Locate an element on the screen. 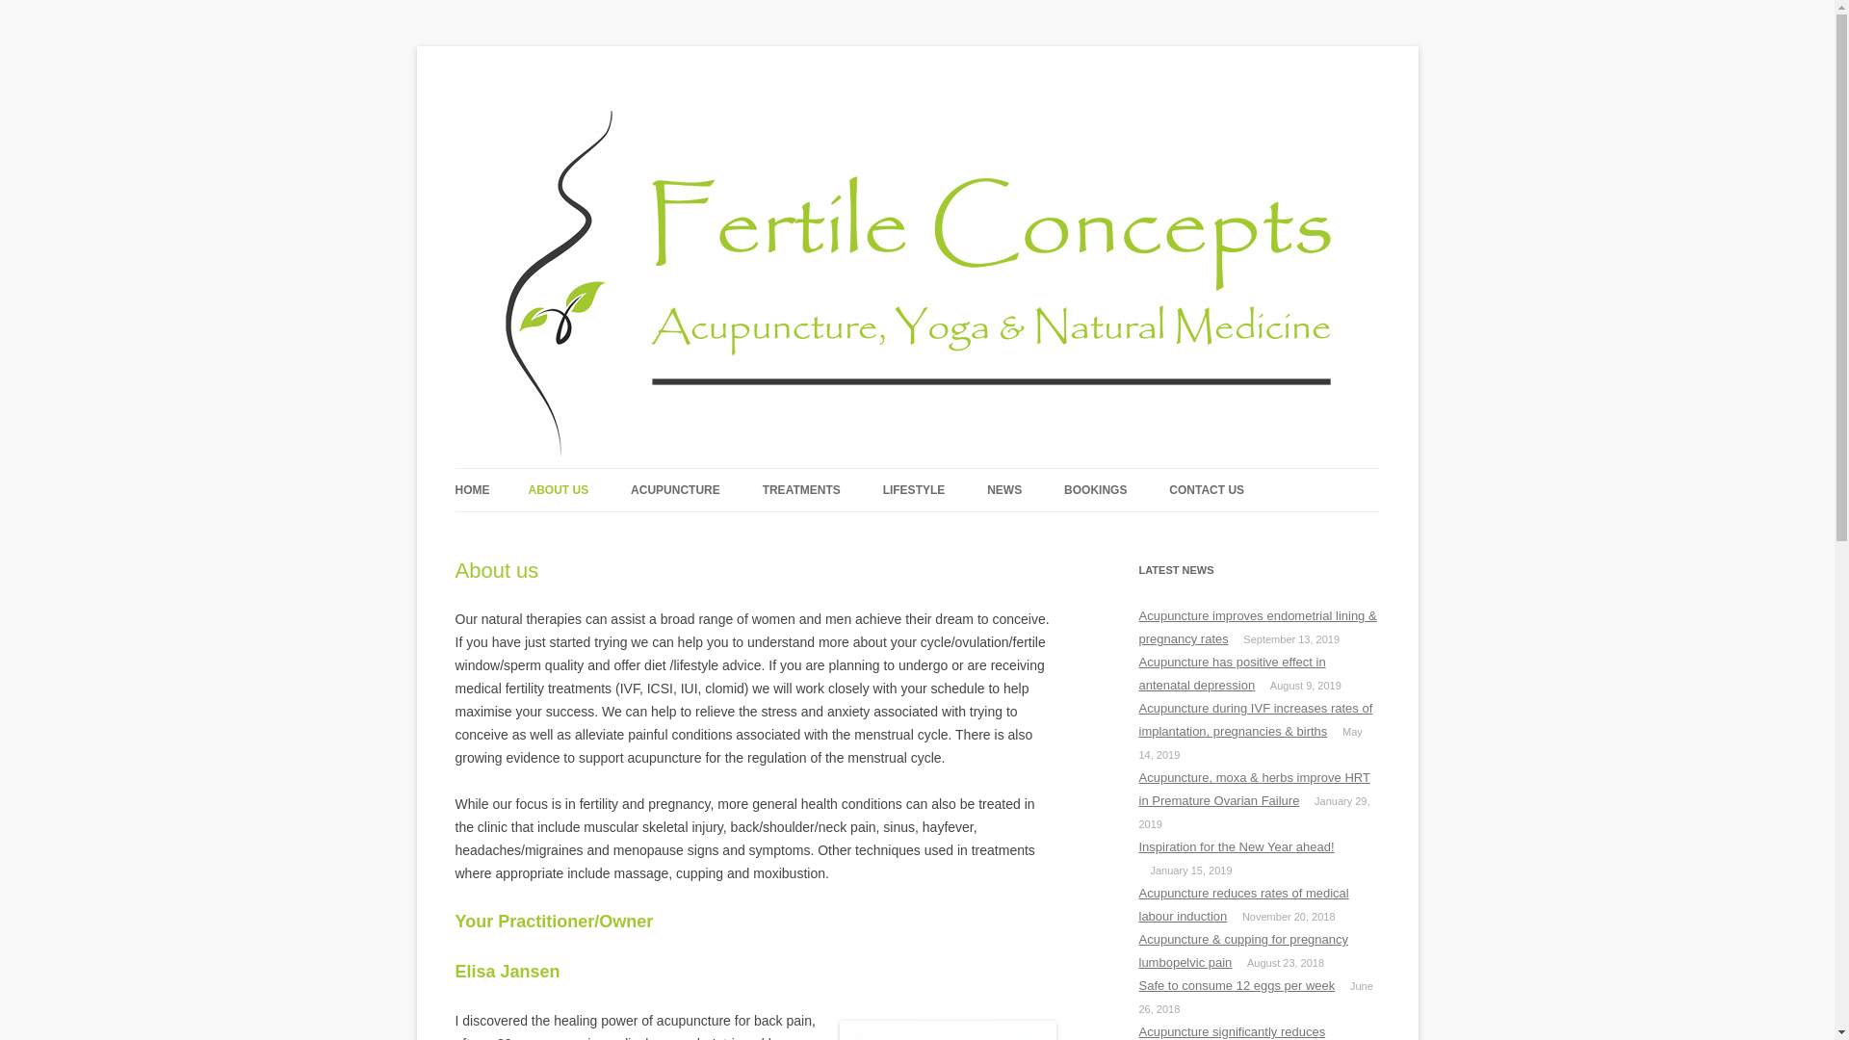 Image resolution: width=1849 pixels, height=1040 pixels. 'TRADITIONAL PERSPECTIVE' is located at coordinates (630, 531).